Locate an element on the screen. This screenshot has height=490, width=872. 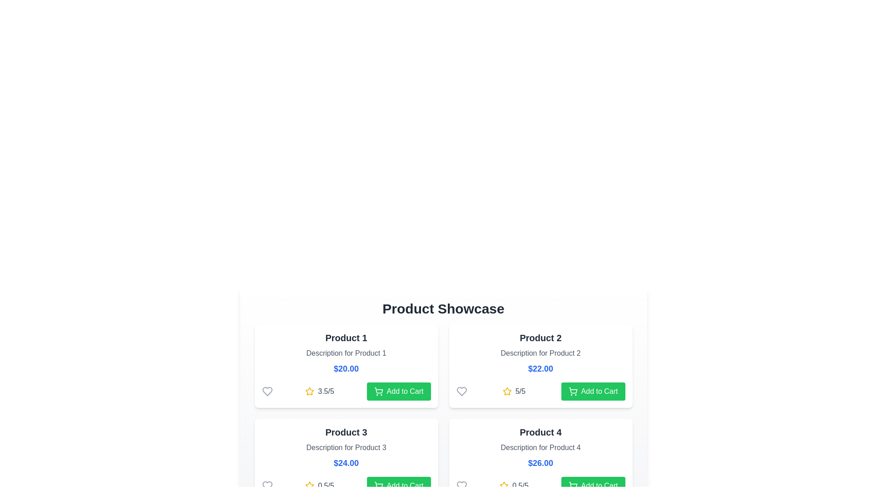
the heart-shaped icon button outlined in gray, which is located to the left side of the rating and above the 'Add to Cart' button is located at coordinates (267, 391).